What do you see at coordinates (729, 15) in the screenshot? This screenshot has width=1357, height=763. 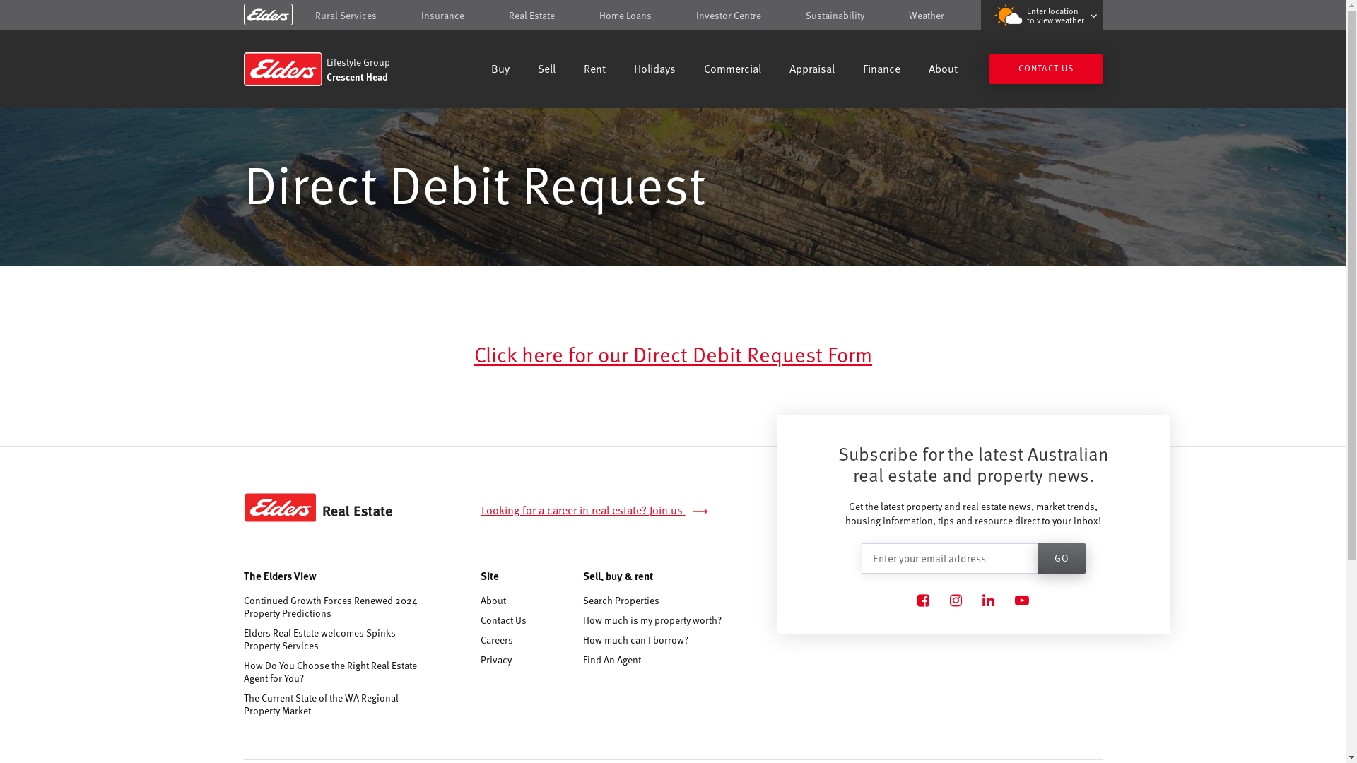 I see `'Investor Centre'` at bounding box center [729, 15].